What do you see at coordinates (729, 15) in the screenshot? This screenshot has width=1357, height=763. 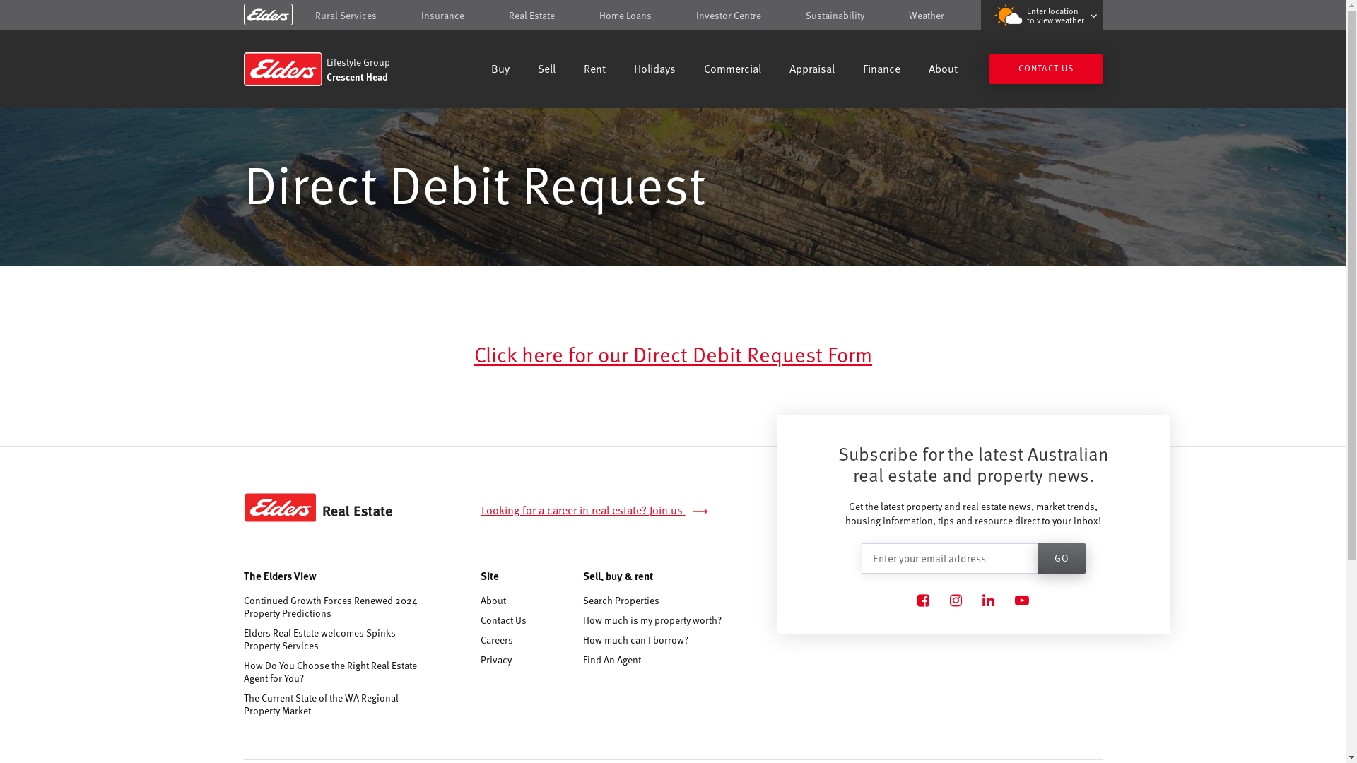 I see `'Investor Centre'` at bounding box center [729, 15].